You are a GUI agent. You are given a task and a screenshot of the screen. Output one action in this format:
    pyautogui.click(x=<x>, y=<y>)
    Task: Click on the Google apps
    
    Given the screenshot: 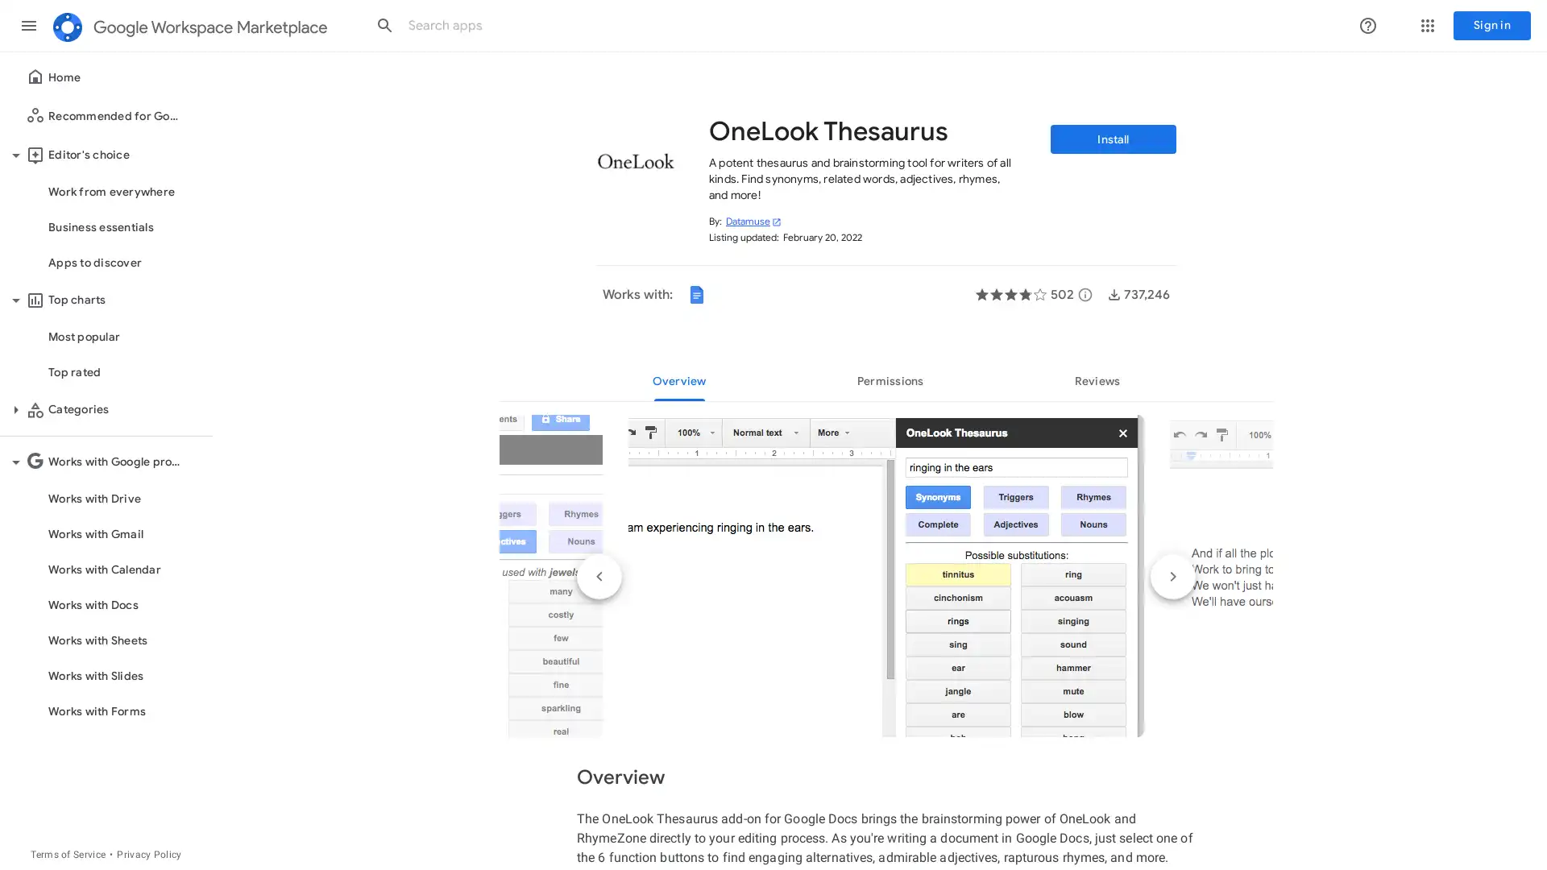 What is the action you would take?
    pyautogui.click(x=1427, y=25)
    